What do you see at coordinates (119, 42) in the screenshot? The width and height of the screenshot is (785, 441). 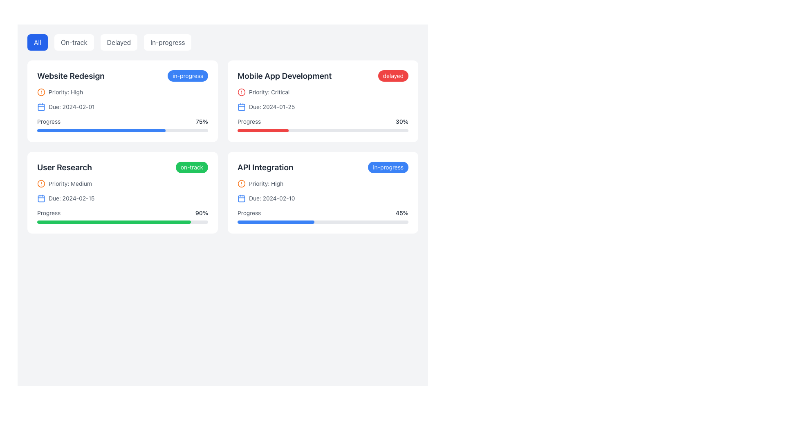 I see `the 'Delayed' button, which is a rectangular button with rounded corners and dark gray text` at bounding box center [119, 42].